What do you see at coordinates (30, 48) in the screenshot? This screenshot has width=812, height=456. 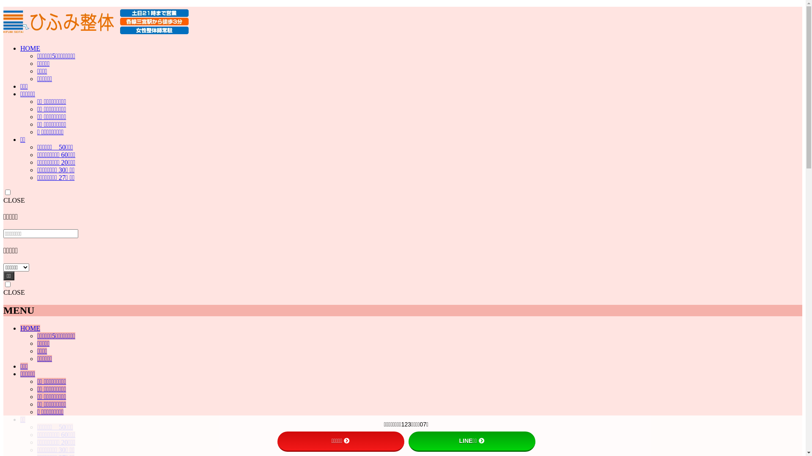 I see `'HOME'` at bounding box center [30, 48].